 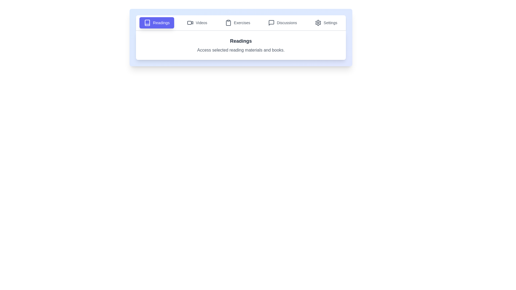 What do you see at coordinates (197, 22) in the screenshot?
I see `the Videos tab to view its content` at bounding box center [197, 22].